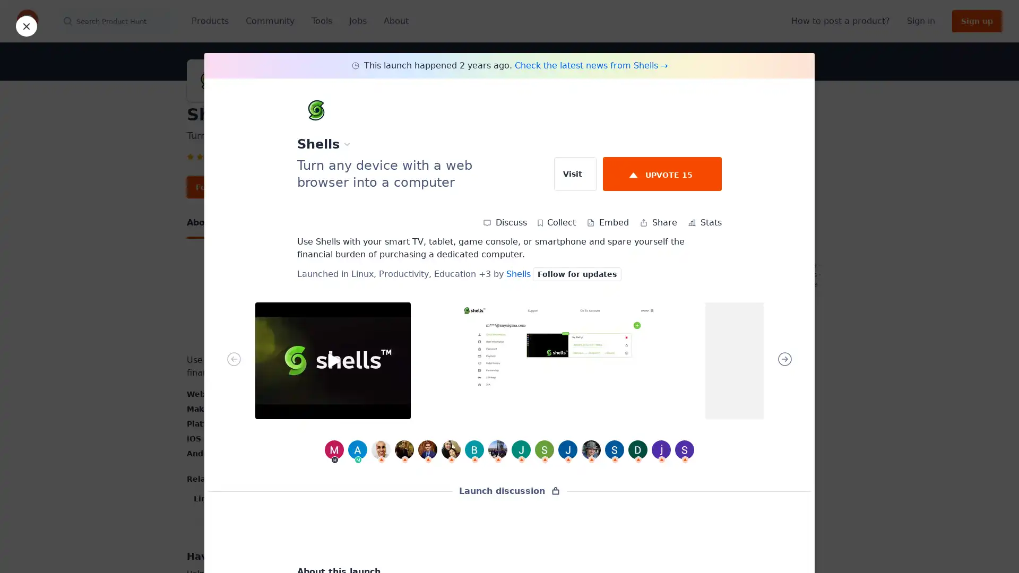  What do you see at coordinates (557, 360) in the screenshot?
I see `Shells gallery image` at bounding box center [557, 360].